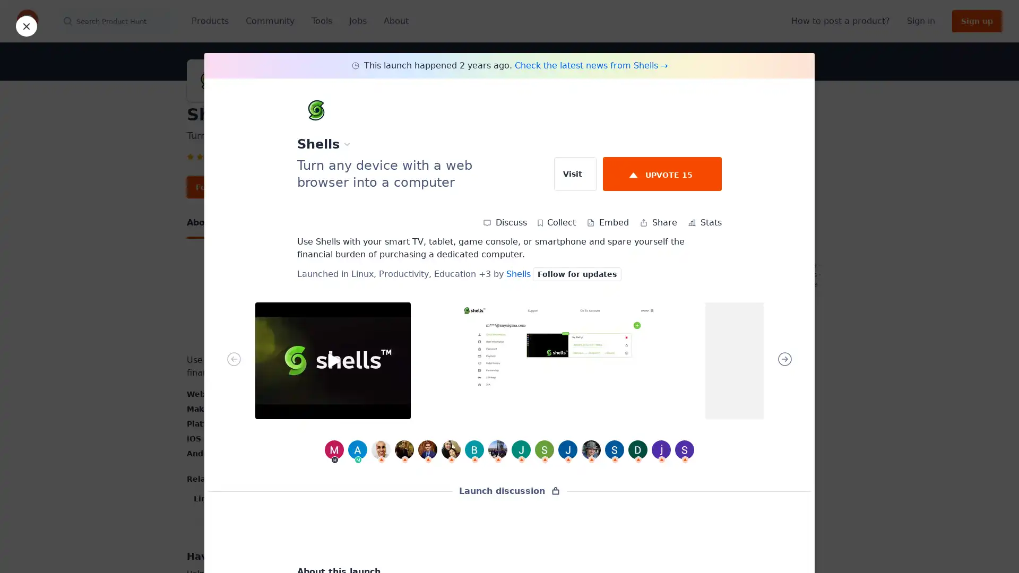  What do you see at coordinates (557, 360) in the screenshot?
I see `Shells gallery image` at bounding box center [557, 360].